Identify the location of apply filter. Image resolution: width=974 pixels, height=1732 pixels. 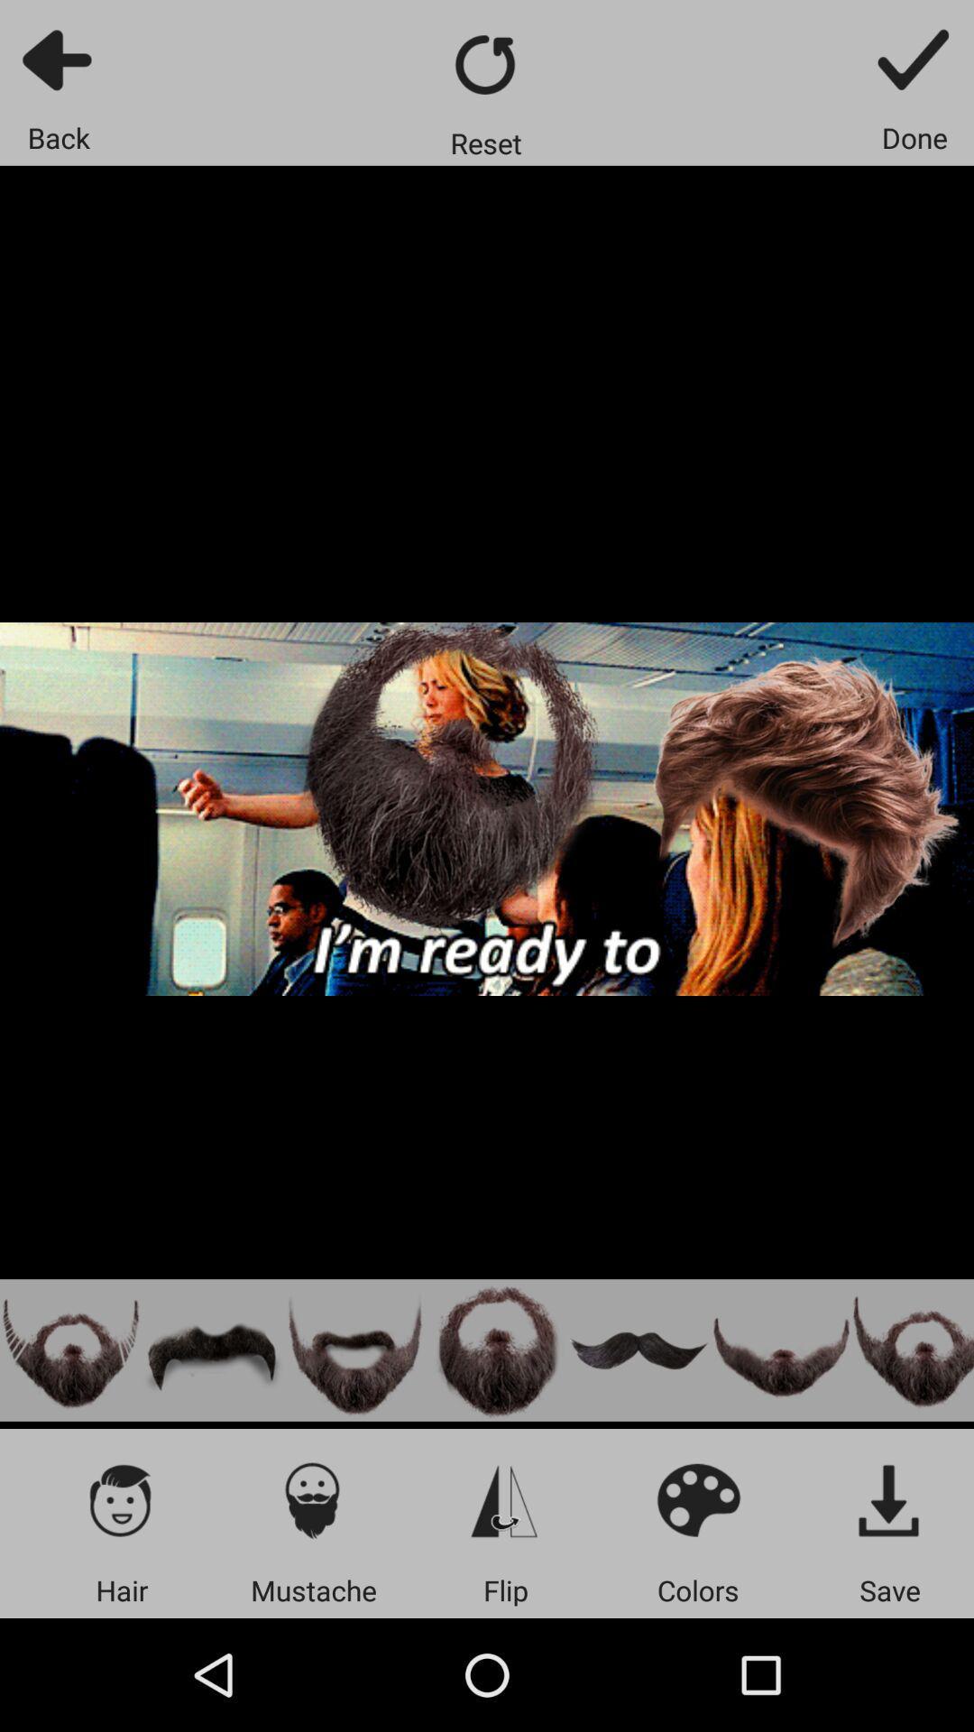
(312, 1499).